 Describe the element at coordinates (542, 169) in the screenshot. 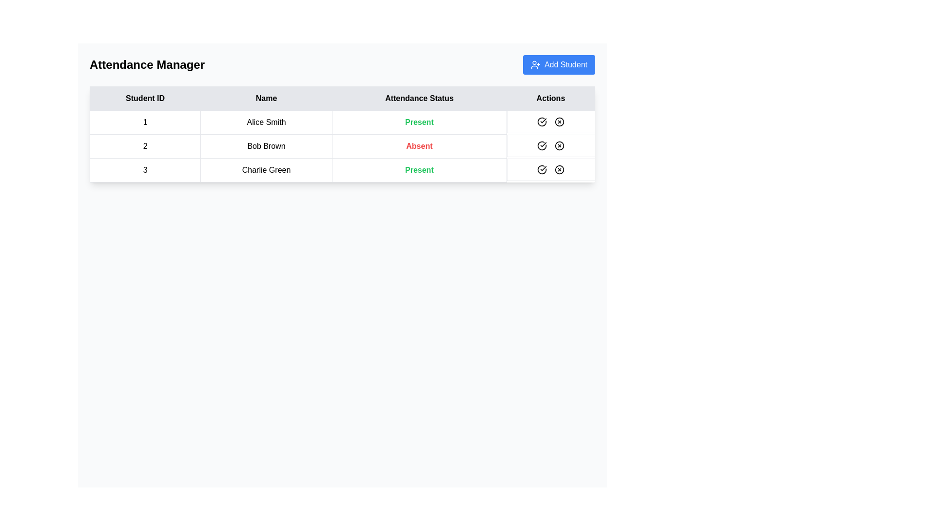

I see `the attendance/status confirmation icon located in the third row of the table under the 'Actions' column, which is the first icon from the left` at that location.